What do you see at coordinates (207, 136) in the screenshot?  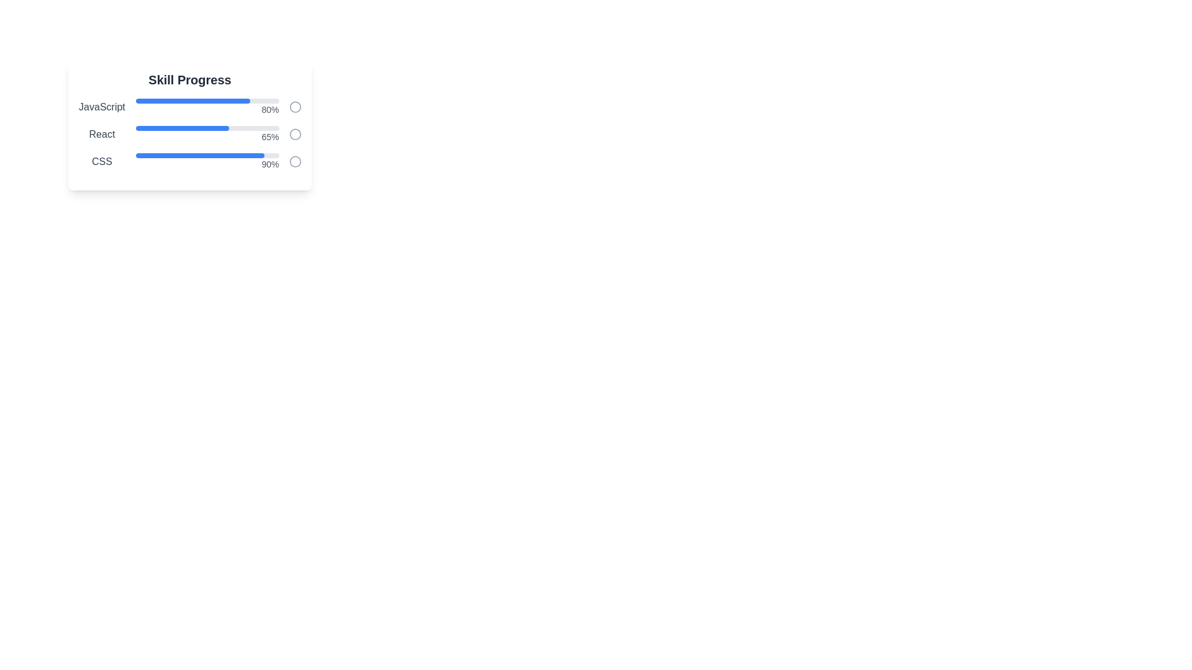 I see `the label displaying '65%' that indicates the progress of the 'React' skill, positioned to the right of the blue progress bar` at bounding box center [207, 136].